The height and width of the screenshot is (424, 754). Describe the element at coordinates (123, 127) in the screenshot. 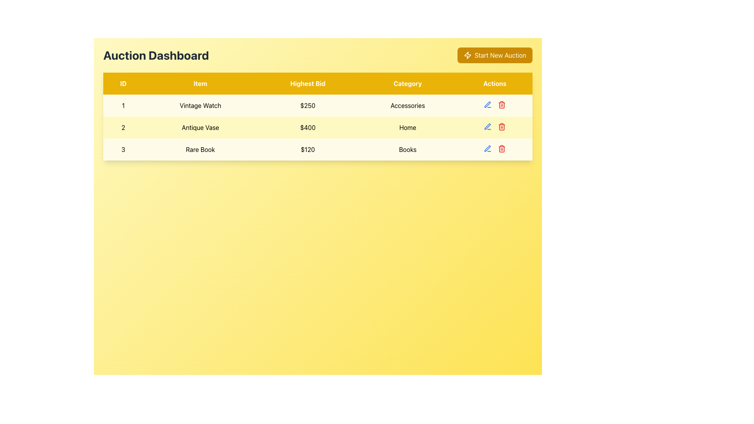

I see `the static text element displaying the ID value for the second item in the list, located in the leftmost cell of the second row under the 'ID' header` at that location.